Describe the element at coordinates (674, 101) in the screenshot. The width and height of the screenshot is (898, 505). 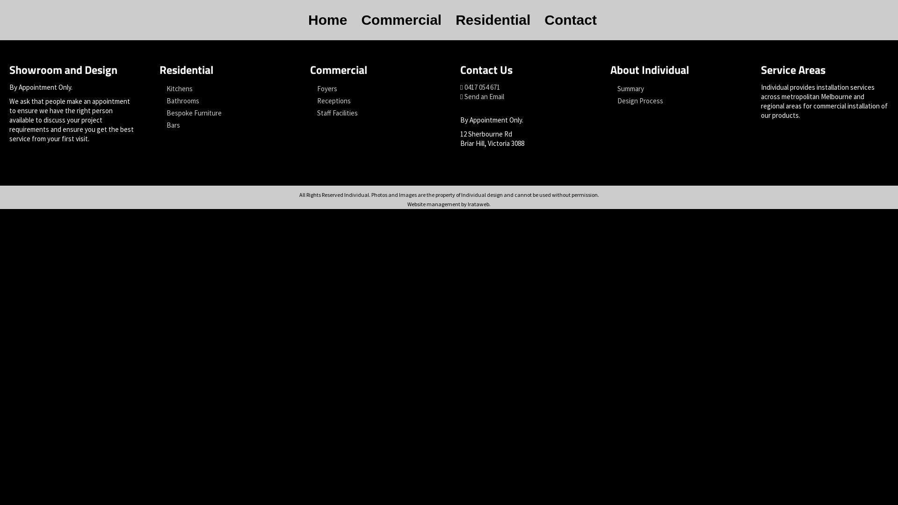
I see `'Design Process'` at that location.